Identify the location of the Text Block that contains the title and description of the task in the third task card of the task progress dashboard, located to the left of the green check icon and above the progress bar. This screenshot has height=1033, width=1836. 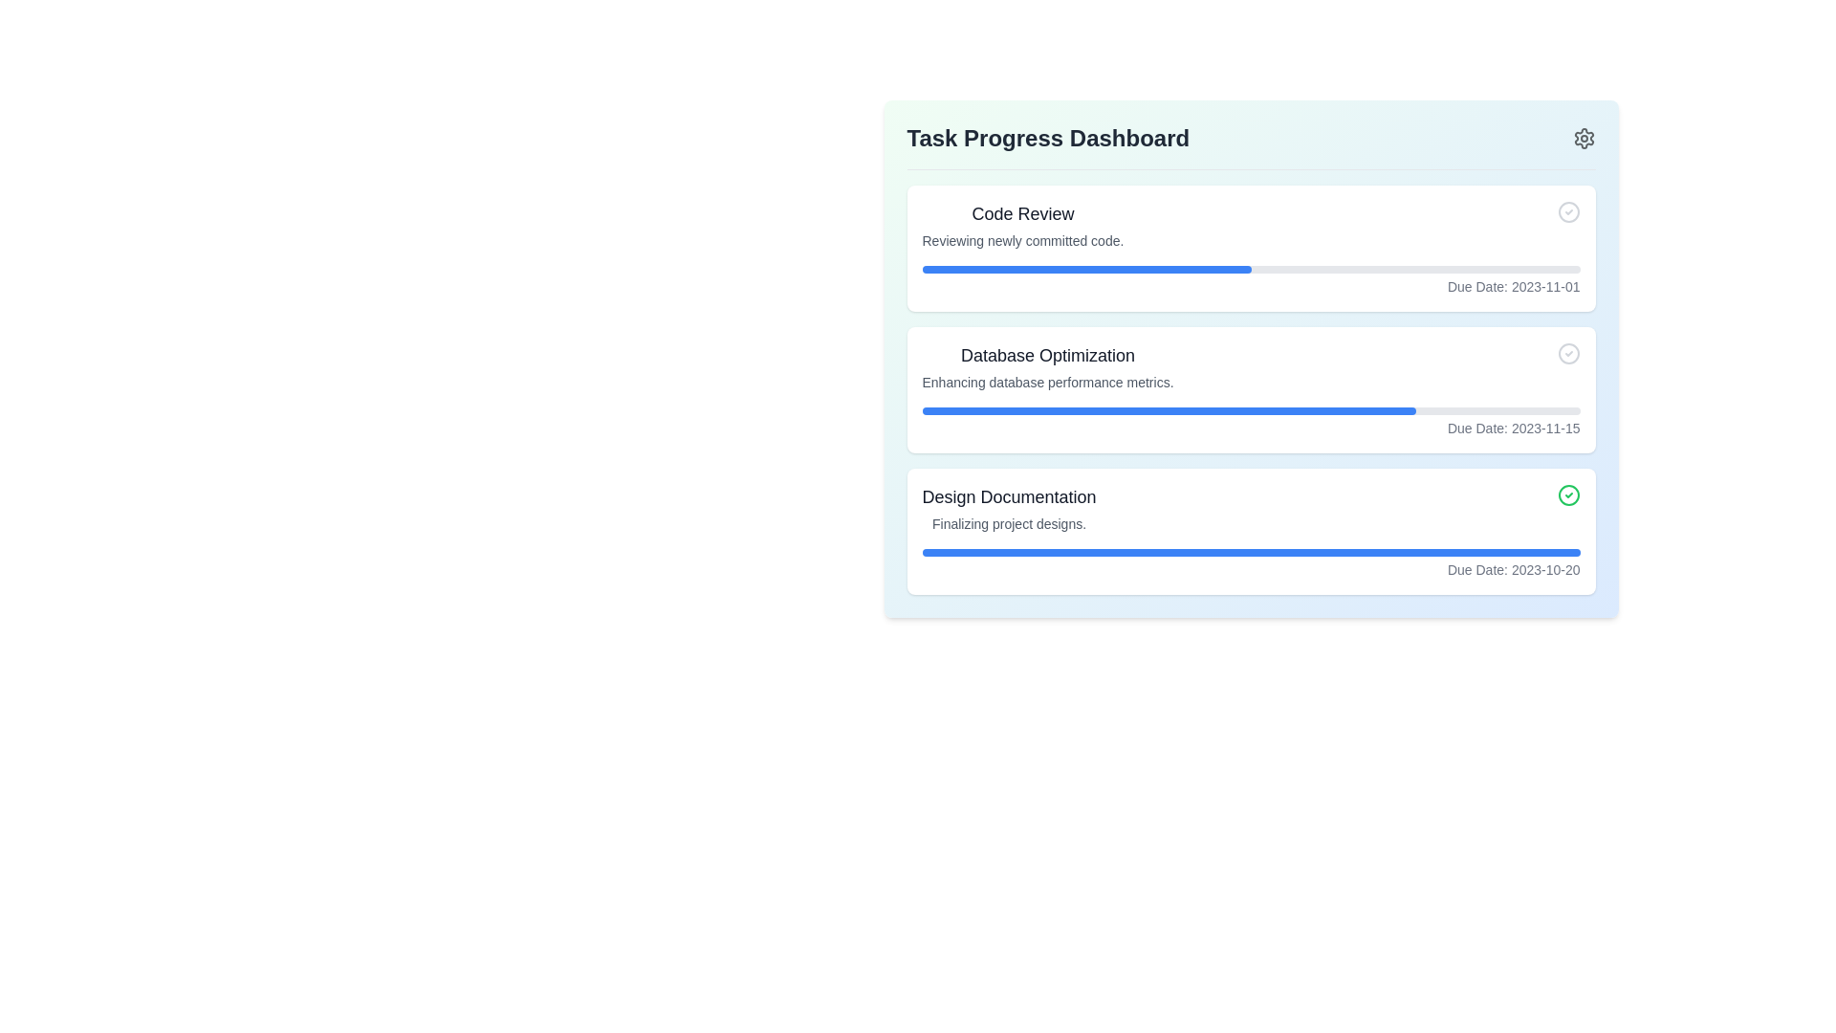
(1008, 508).